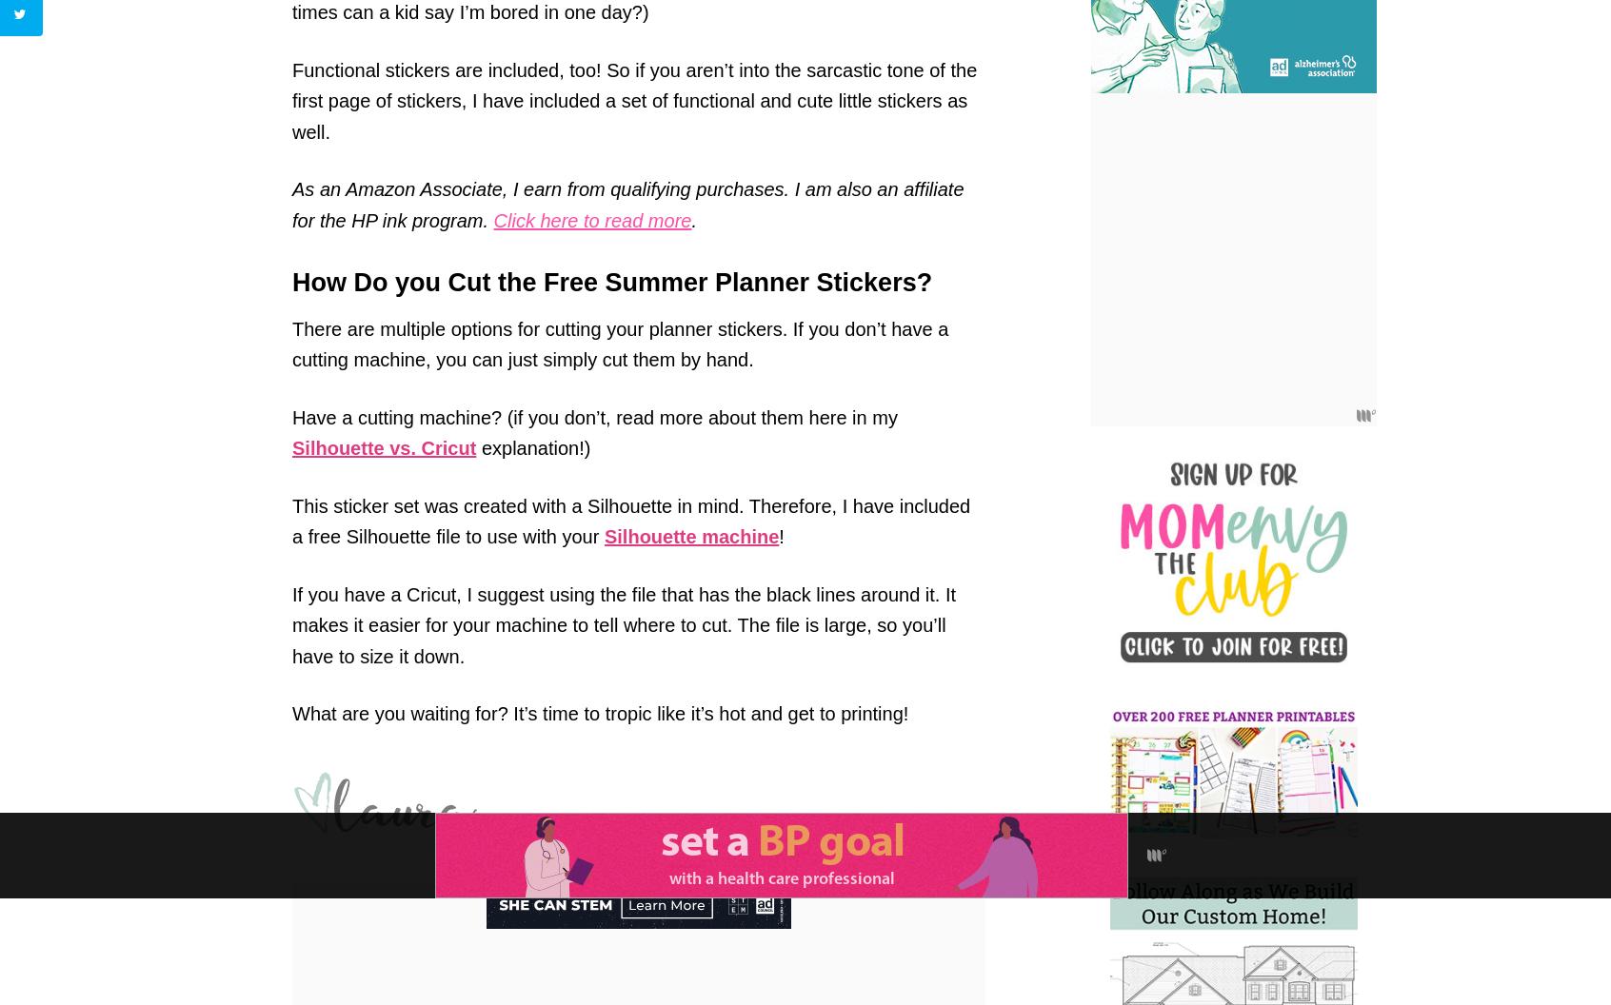 This screenshot has height=1005, width=1611. Describe the element at coordinates (624, 623) in the screenshot. I see `'If you have a Cricut, I suggest using the file that has the black lines around it. It makes it easier for your machine to tell where to cut. The file is large, so you’ll have to size it down.'` at that location.